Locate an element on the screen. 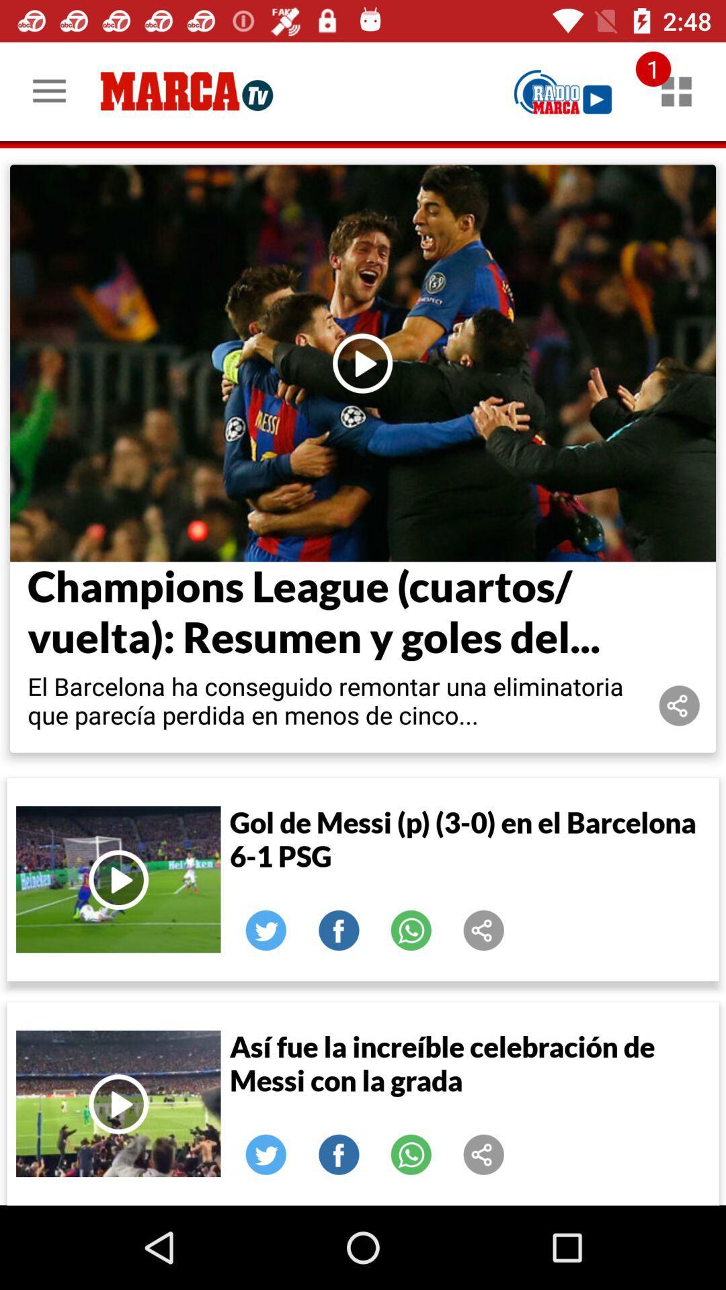 The image size is (726, 1290). share video on twitter is located at coordinates (266, 930).